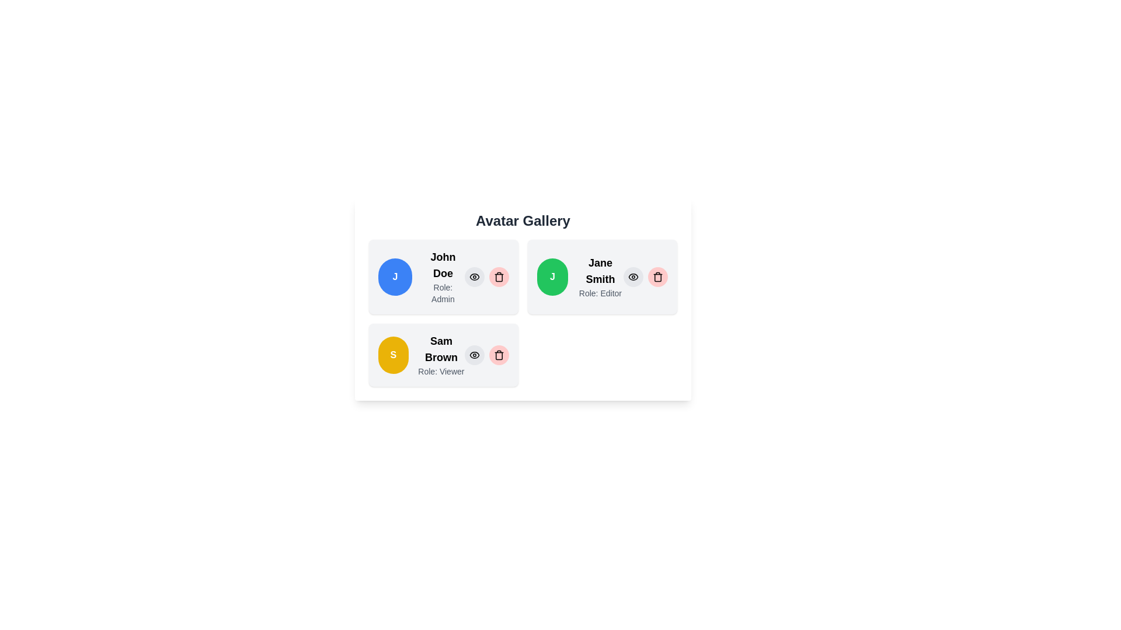 The width and height of the screenshot is (1121, 630). Describe the element at coordinates (474, 355) in the screenshot. I see `the leftmost circular button with a light gray background and a black eye icon in the action buttons group for user 'Sam Brown' in the 'Avatar Gallery'` at that location.